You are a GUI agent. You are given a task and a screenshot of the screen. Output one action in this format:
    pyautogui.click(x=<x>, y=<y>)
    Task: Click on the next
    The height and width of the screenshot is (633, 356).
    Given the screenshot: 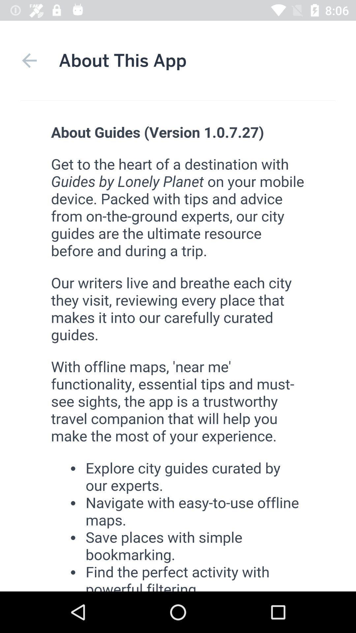 What is the action you would take?
    pyautogui.click(x=29, y=60)
    